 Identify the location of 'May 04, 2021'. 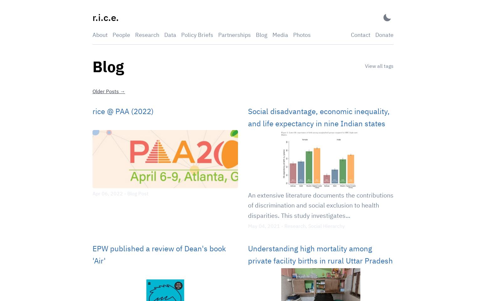
(263, 226).